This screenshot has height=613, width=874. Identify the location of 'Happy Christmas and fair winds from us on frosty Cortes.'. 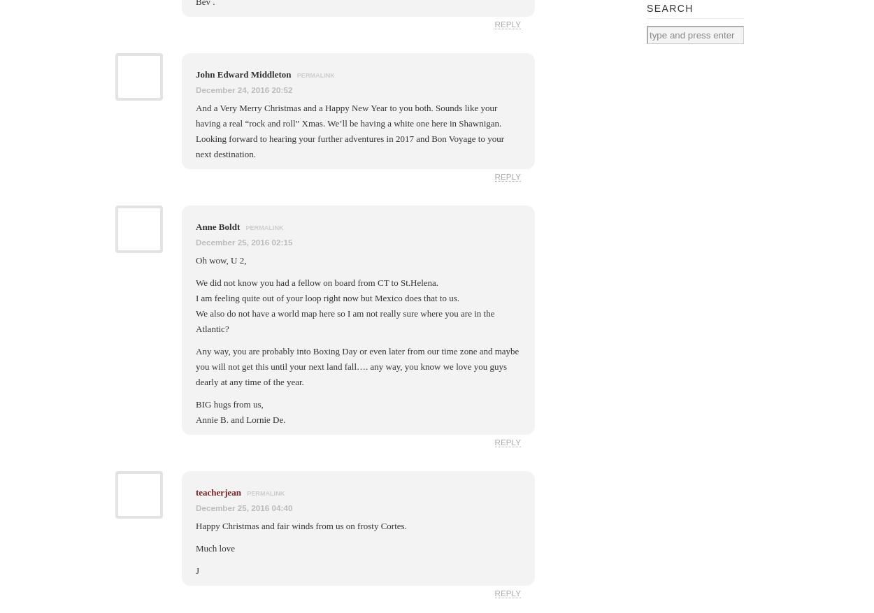
(301, 526).